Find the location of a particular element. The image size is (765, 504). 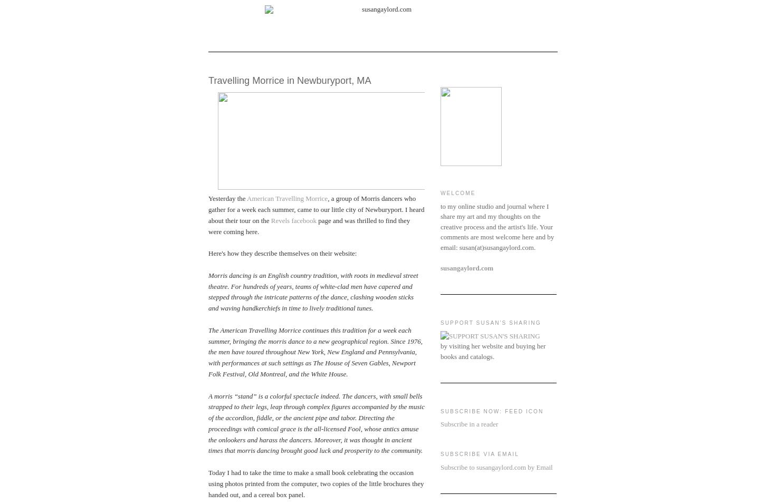

'Morris dancing is an English country tradition, with roots in medieval street theatre. For hundreds of years, teams of white-clad men have capered and stepped through the intricate patterns of the dance, clashing wooden sticks and waving handkerchiefs in time to lively traditional tunes.' is located at coordinates (313, 291).